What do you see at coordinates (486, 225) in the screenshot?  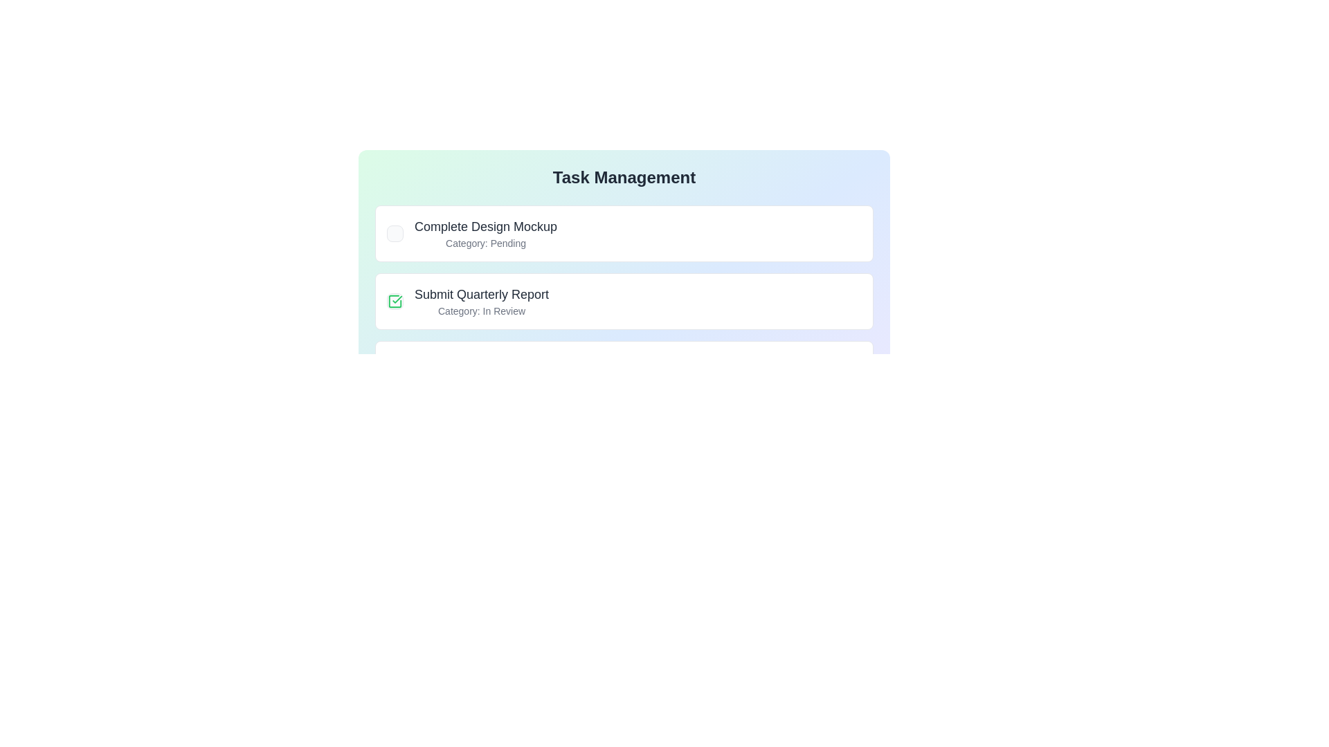 I see `the Text Label that serves as the title of the first task in the task management interface, positioned above the 'Category: Pending' element` at bounding box center [486, 225].